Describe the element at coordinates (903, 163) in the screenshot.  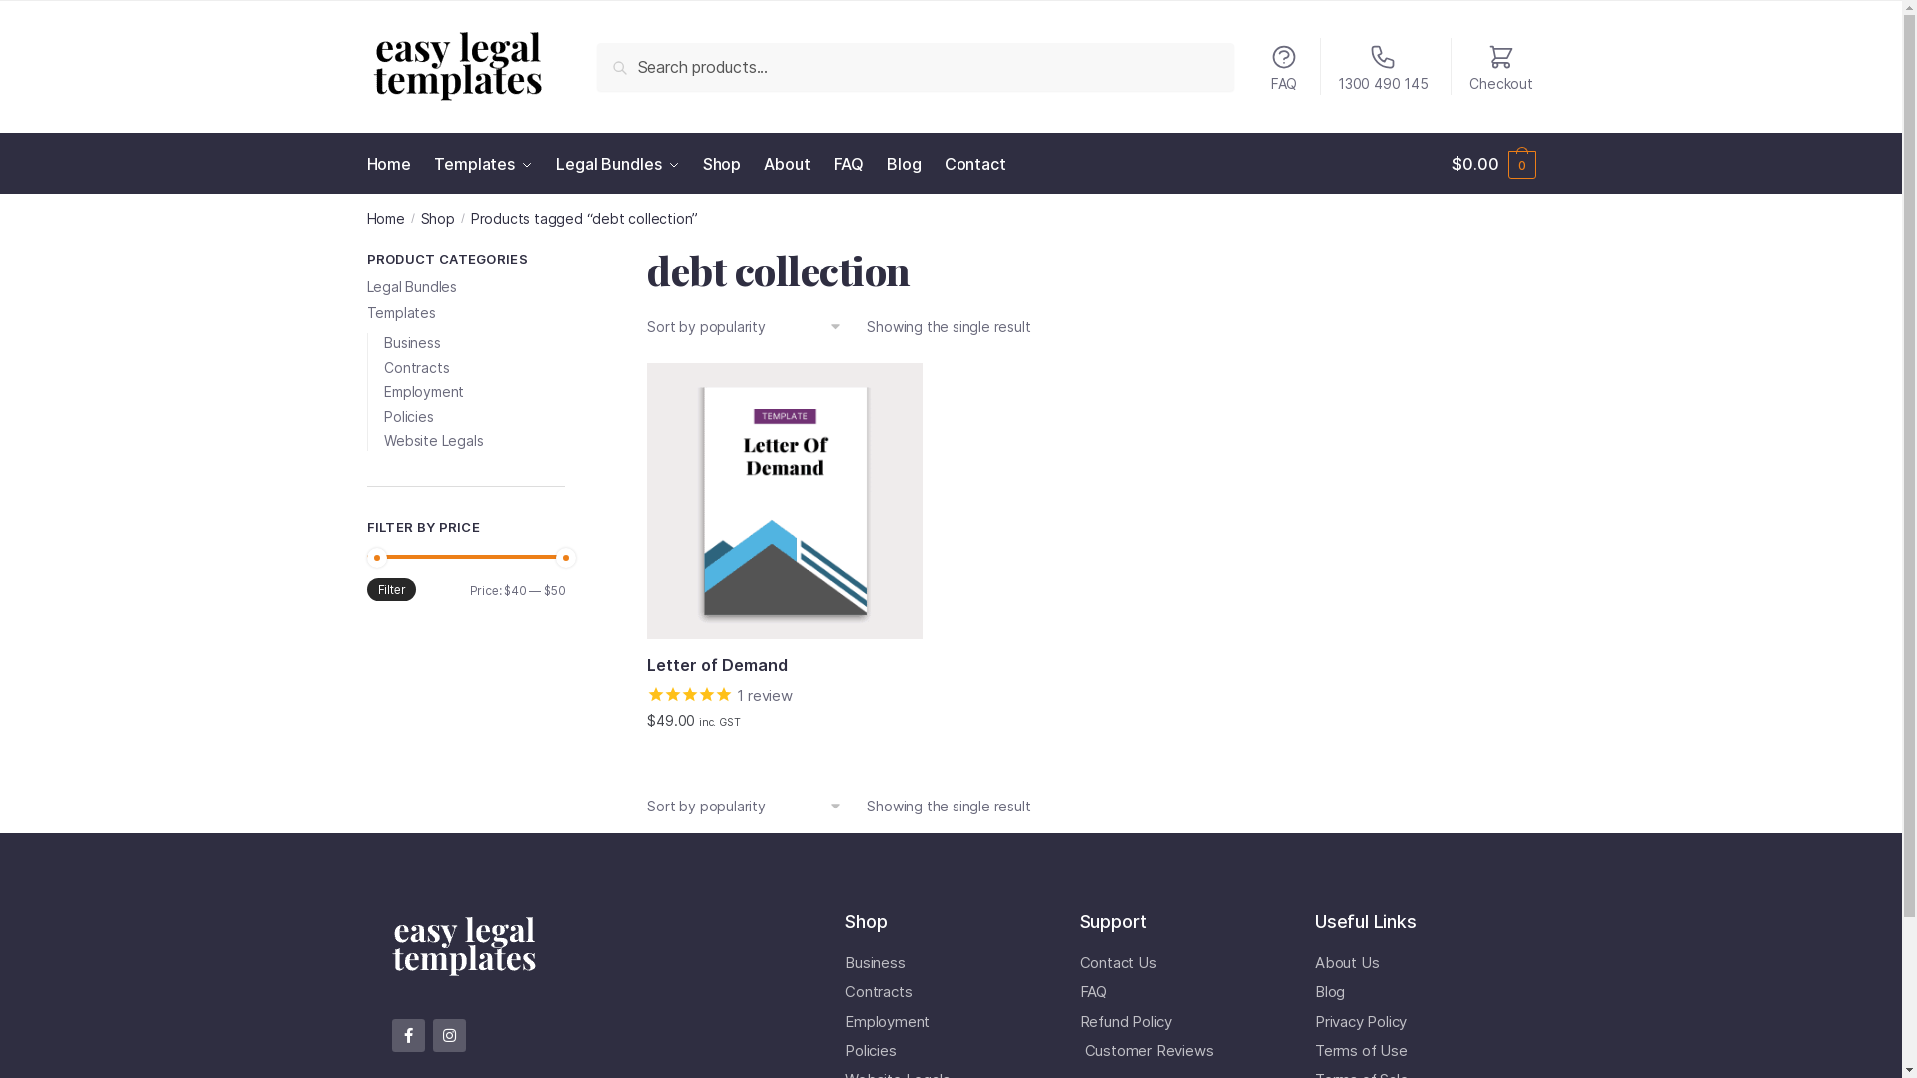
I see `'Blog'` at that location.